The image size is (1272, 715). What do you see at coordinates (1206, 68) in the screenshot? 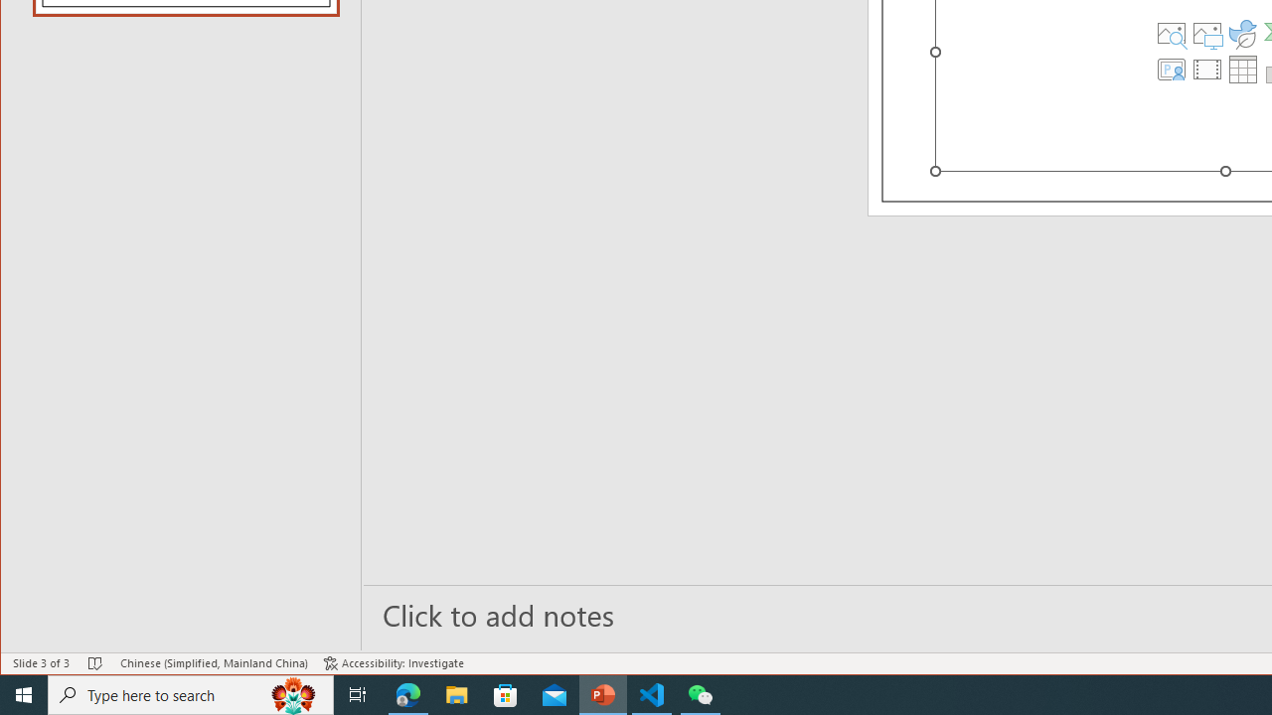
I see `'Insert Video'` at bounding box center [1206, 68].